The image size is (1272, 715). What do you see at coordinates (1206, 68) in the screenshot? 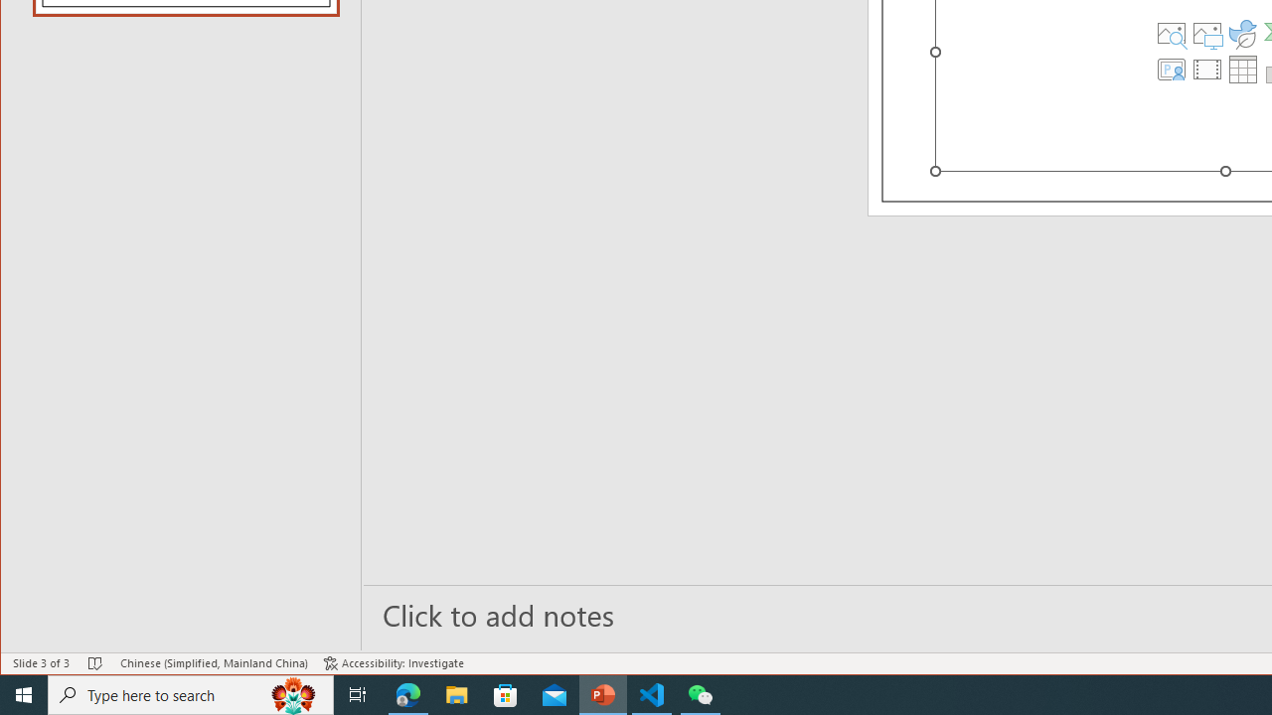
I see `'Insert Video'` at bounding box center [1206, 68].